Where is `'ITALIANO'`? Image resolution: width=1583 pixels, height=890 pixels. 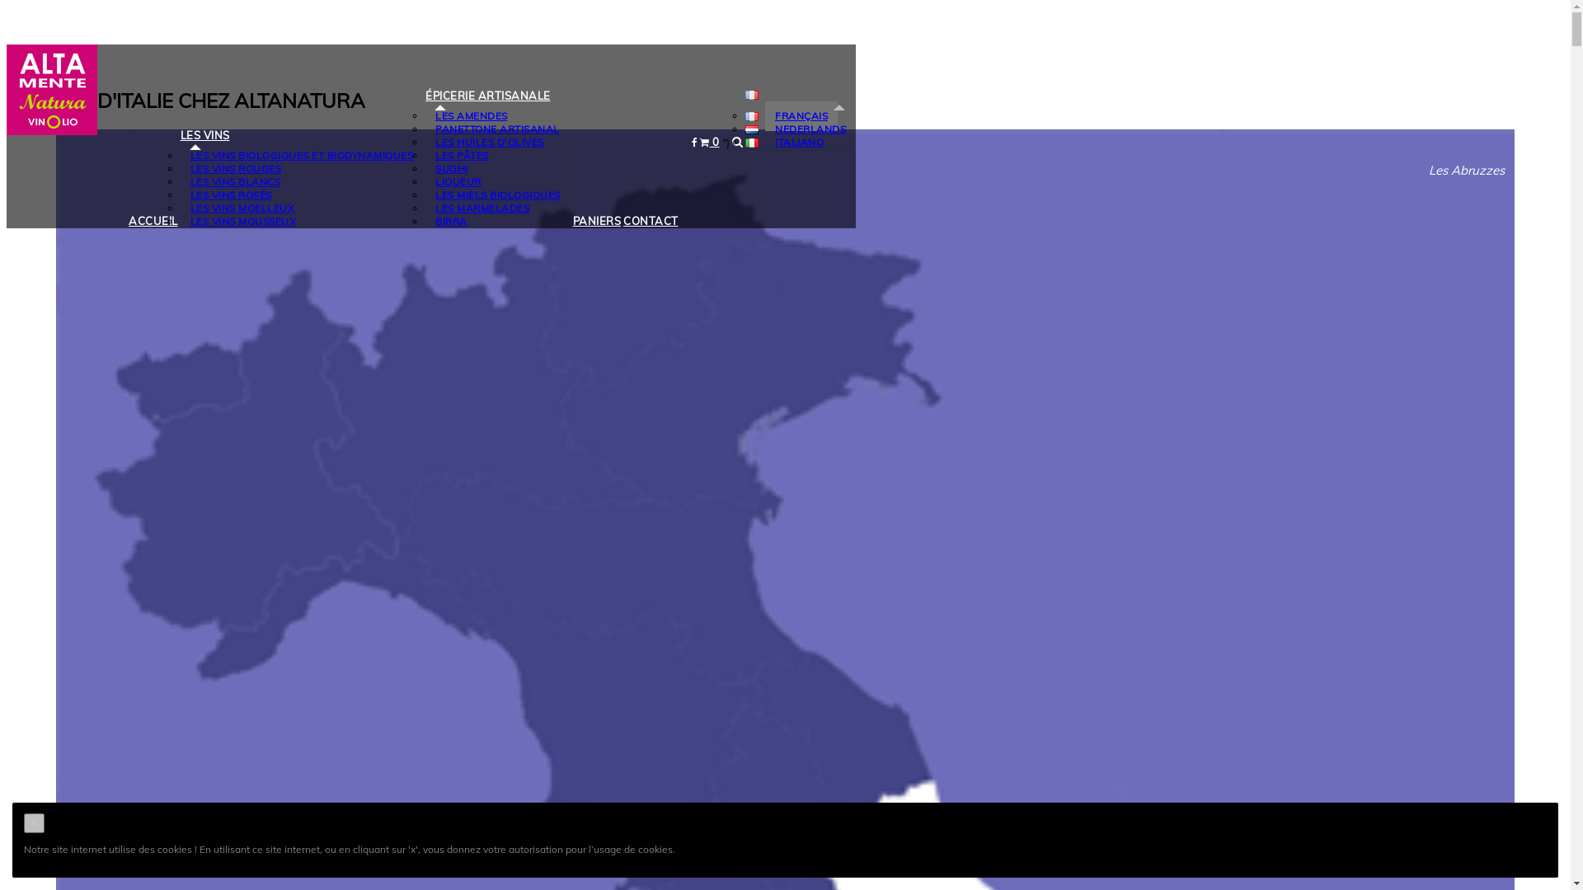 'ITALIANO' is located at coordinates (799, 142).